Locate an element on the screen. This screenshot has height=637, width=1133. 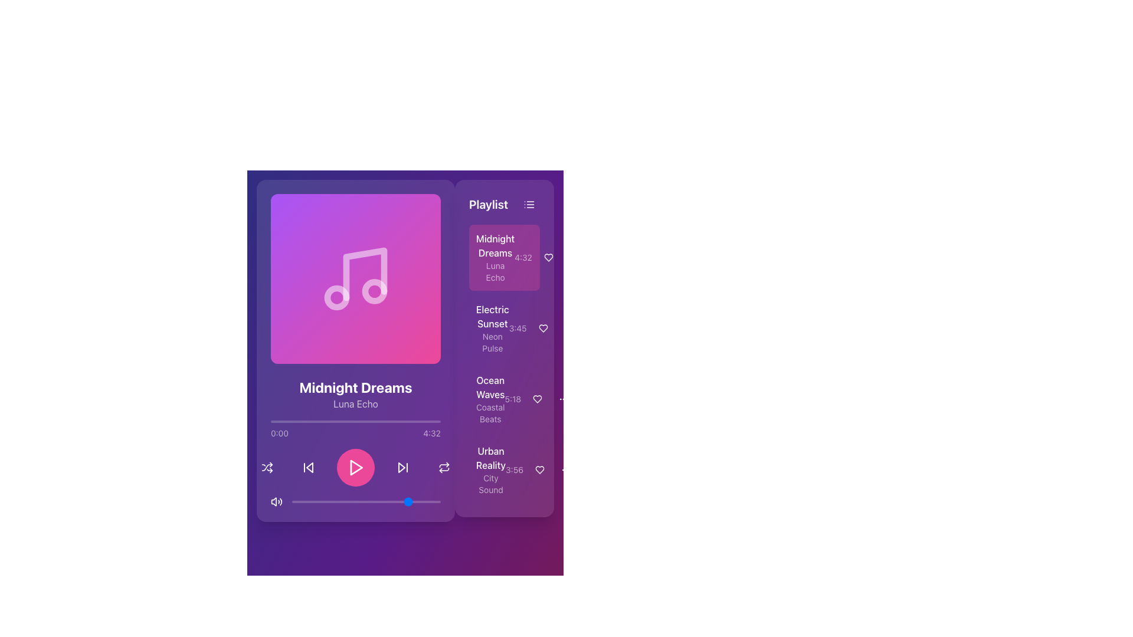
the forward navigation button with a triangular play icon to skip to the next track is located at coordinates (402, 467).